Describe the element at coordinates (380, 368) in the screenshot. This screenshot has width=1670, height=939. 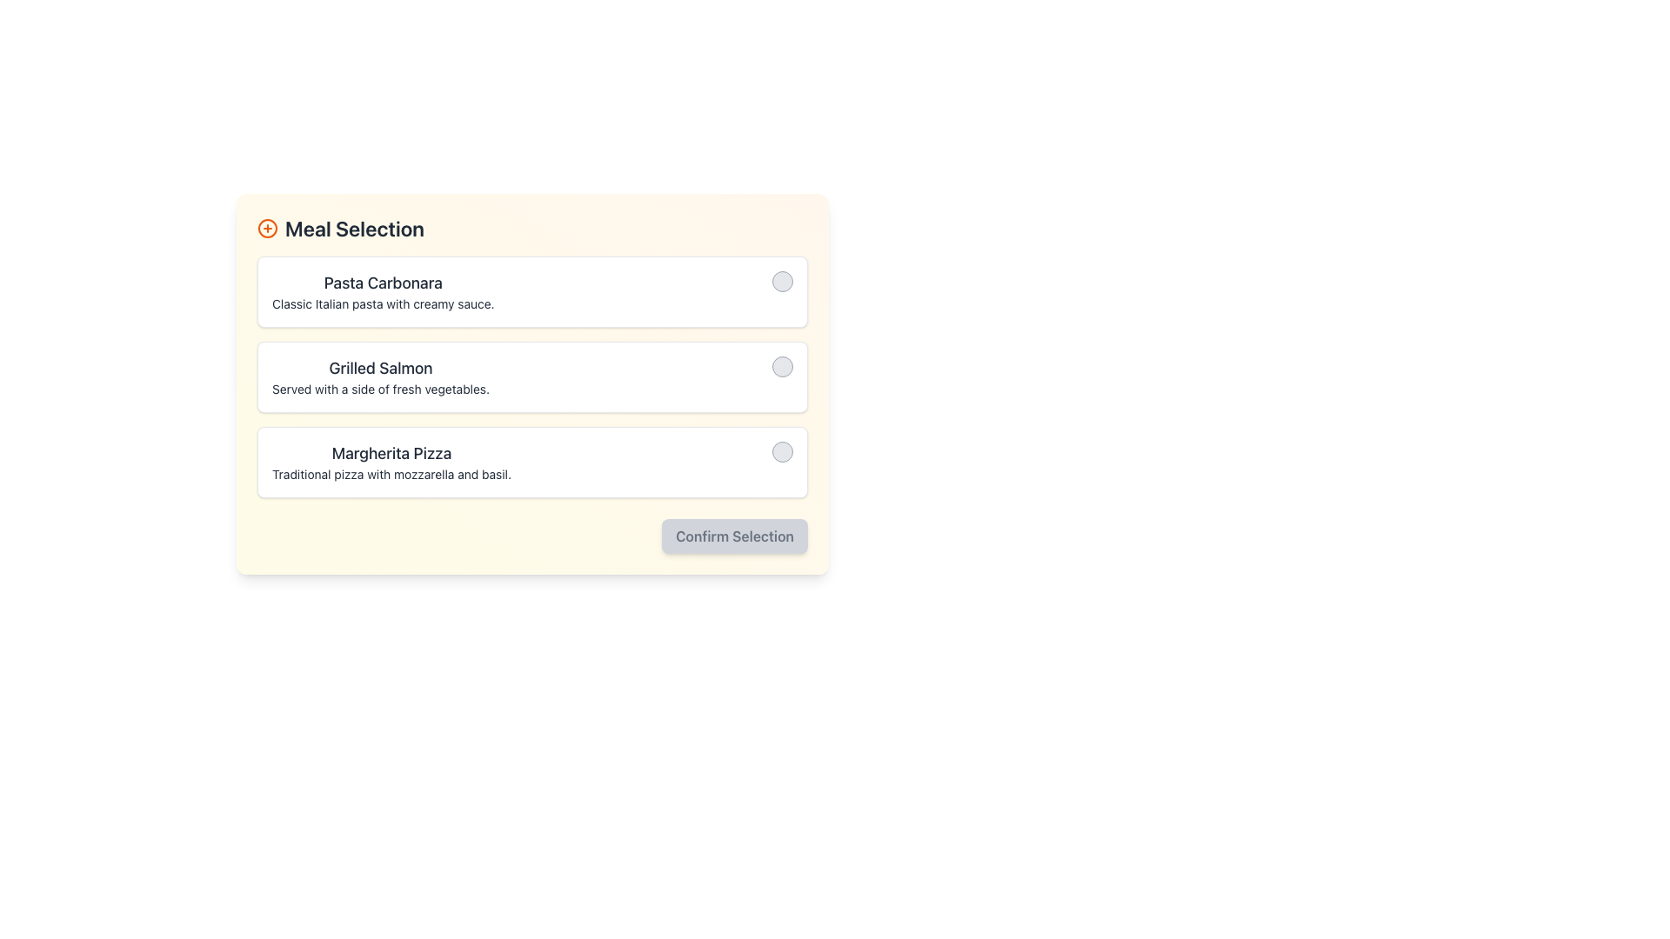
I see `the 'Grilled Salmon' text label, which displays the title of the second menu item in the meal selection interface` at that location.